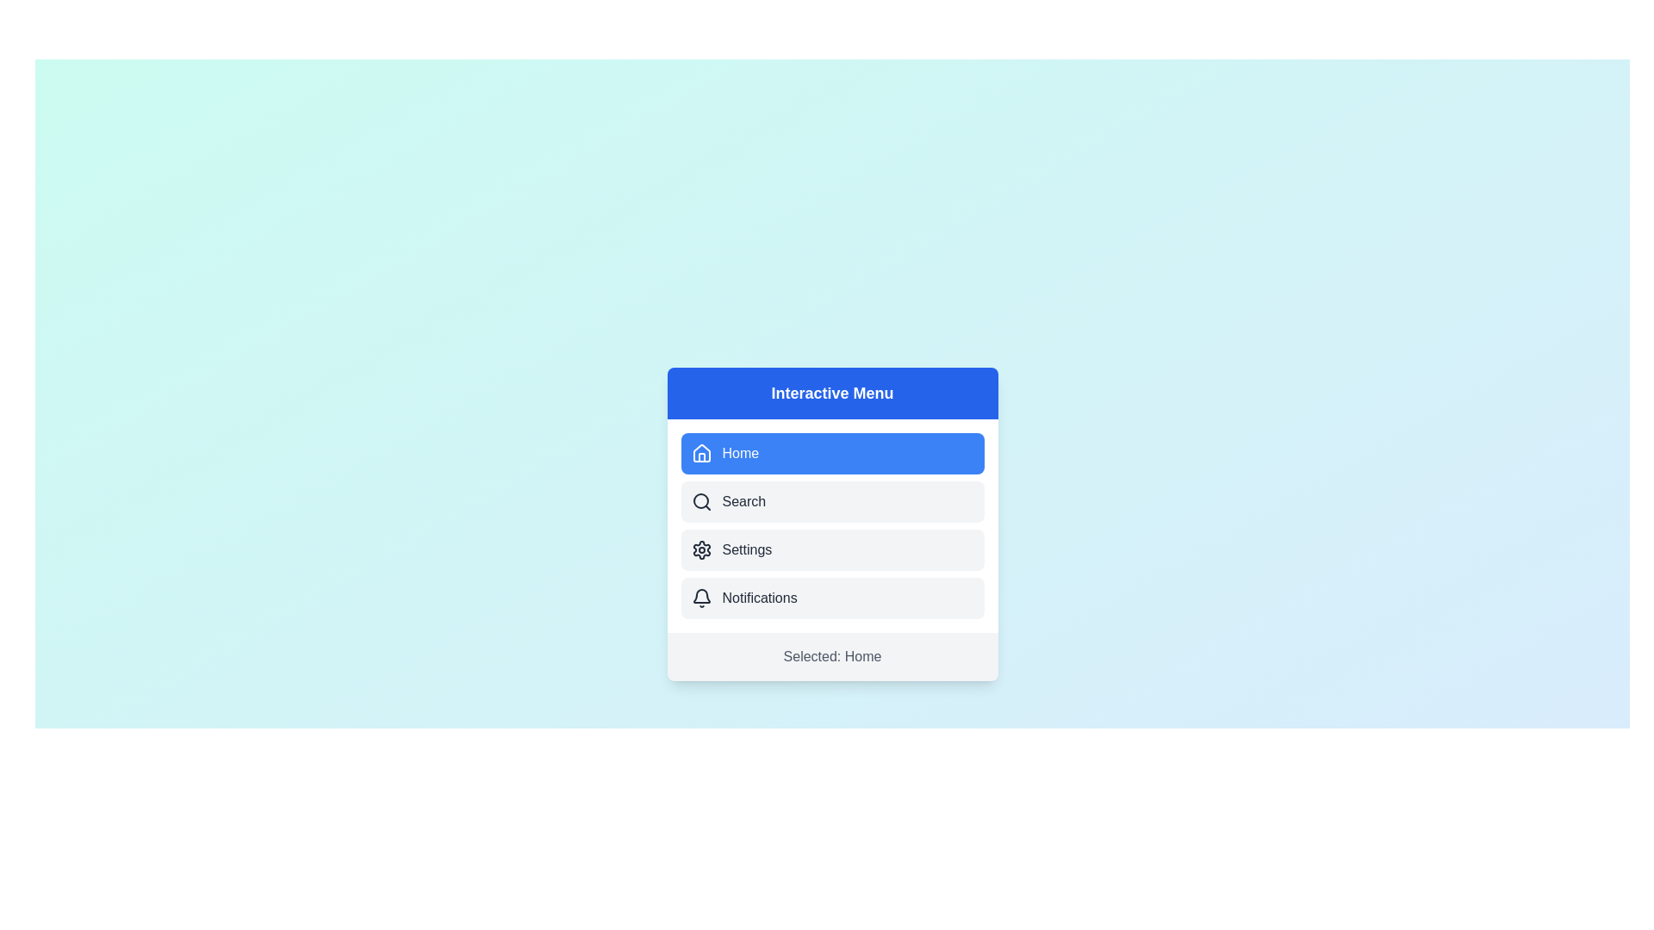  Describe the element at coordinates (832, 501) in the screenshot. I see `the menu item Search from the menu` at that location.